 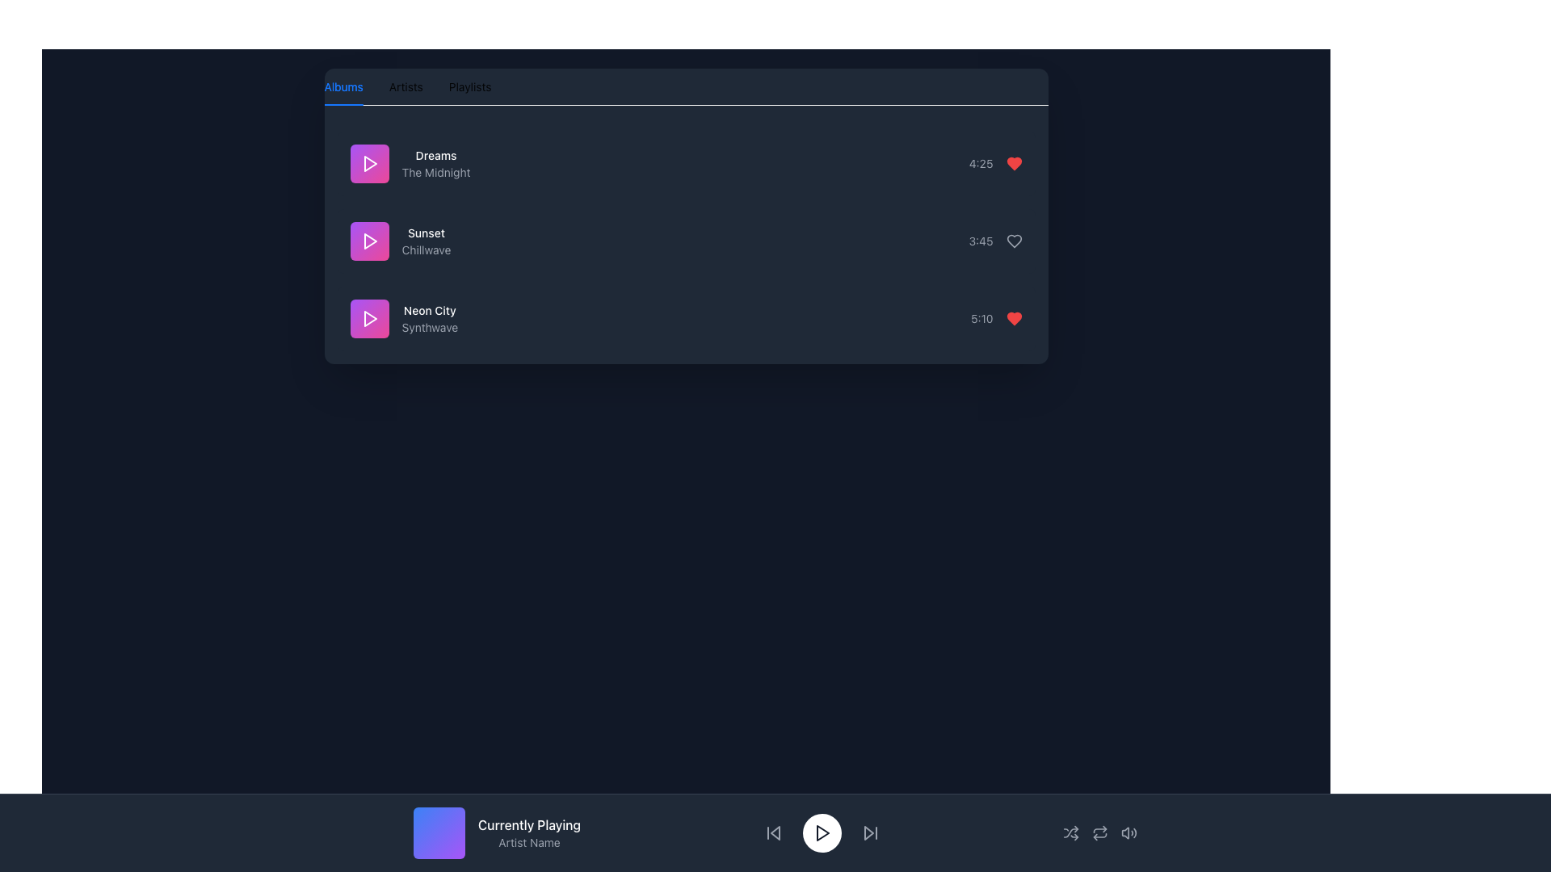 What do you see at coordinates (868, 833) in the screenshot?
I see `the right-pointing triangular button, which is styled with fine lines and located in the bottom central control bar, second from the right among visible controls` at bounding box center [868, 833].